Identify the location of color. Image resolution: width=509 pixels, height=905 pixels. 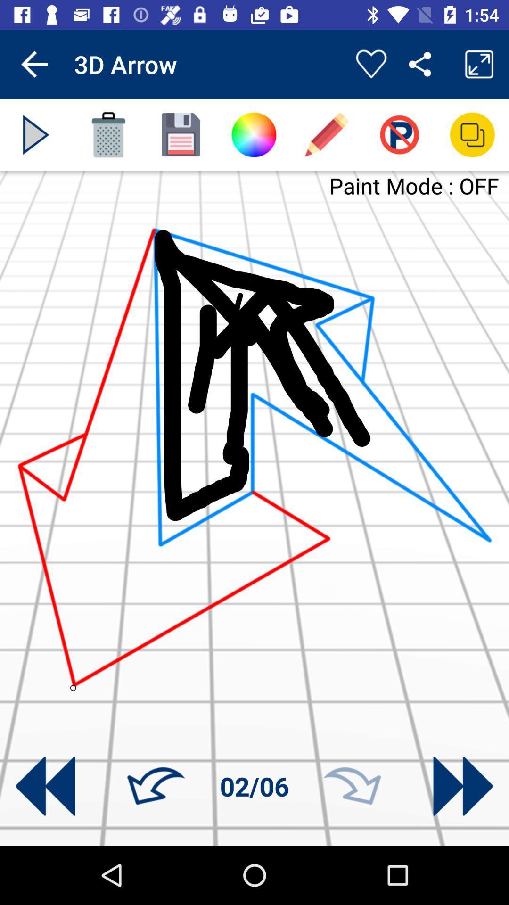
(253, 134).